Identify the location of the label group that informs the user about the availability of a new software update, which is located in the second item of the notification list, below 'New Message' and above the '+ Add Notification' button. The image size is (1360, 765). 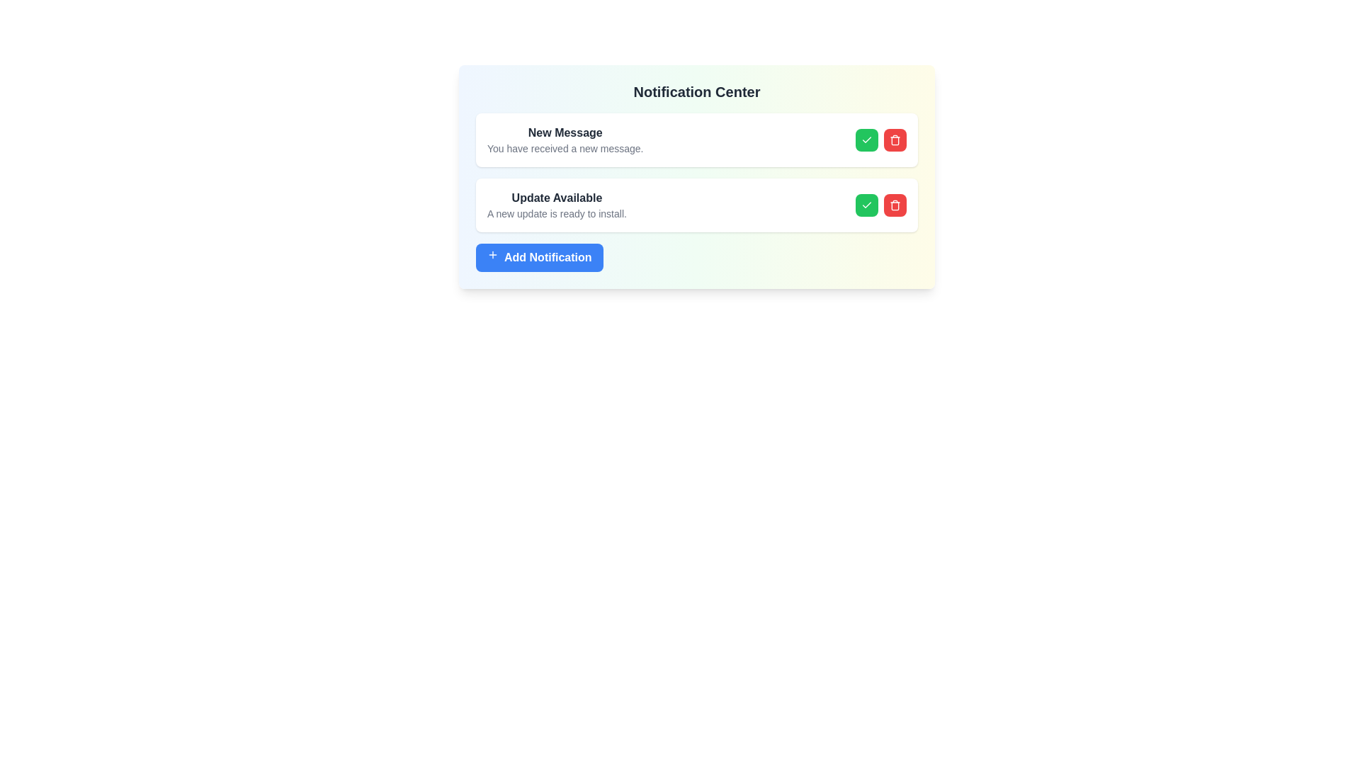
(556, 205).